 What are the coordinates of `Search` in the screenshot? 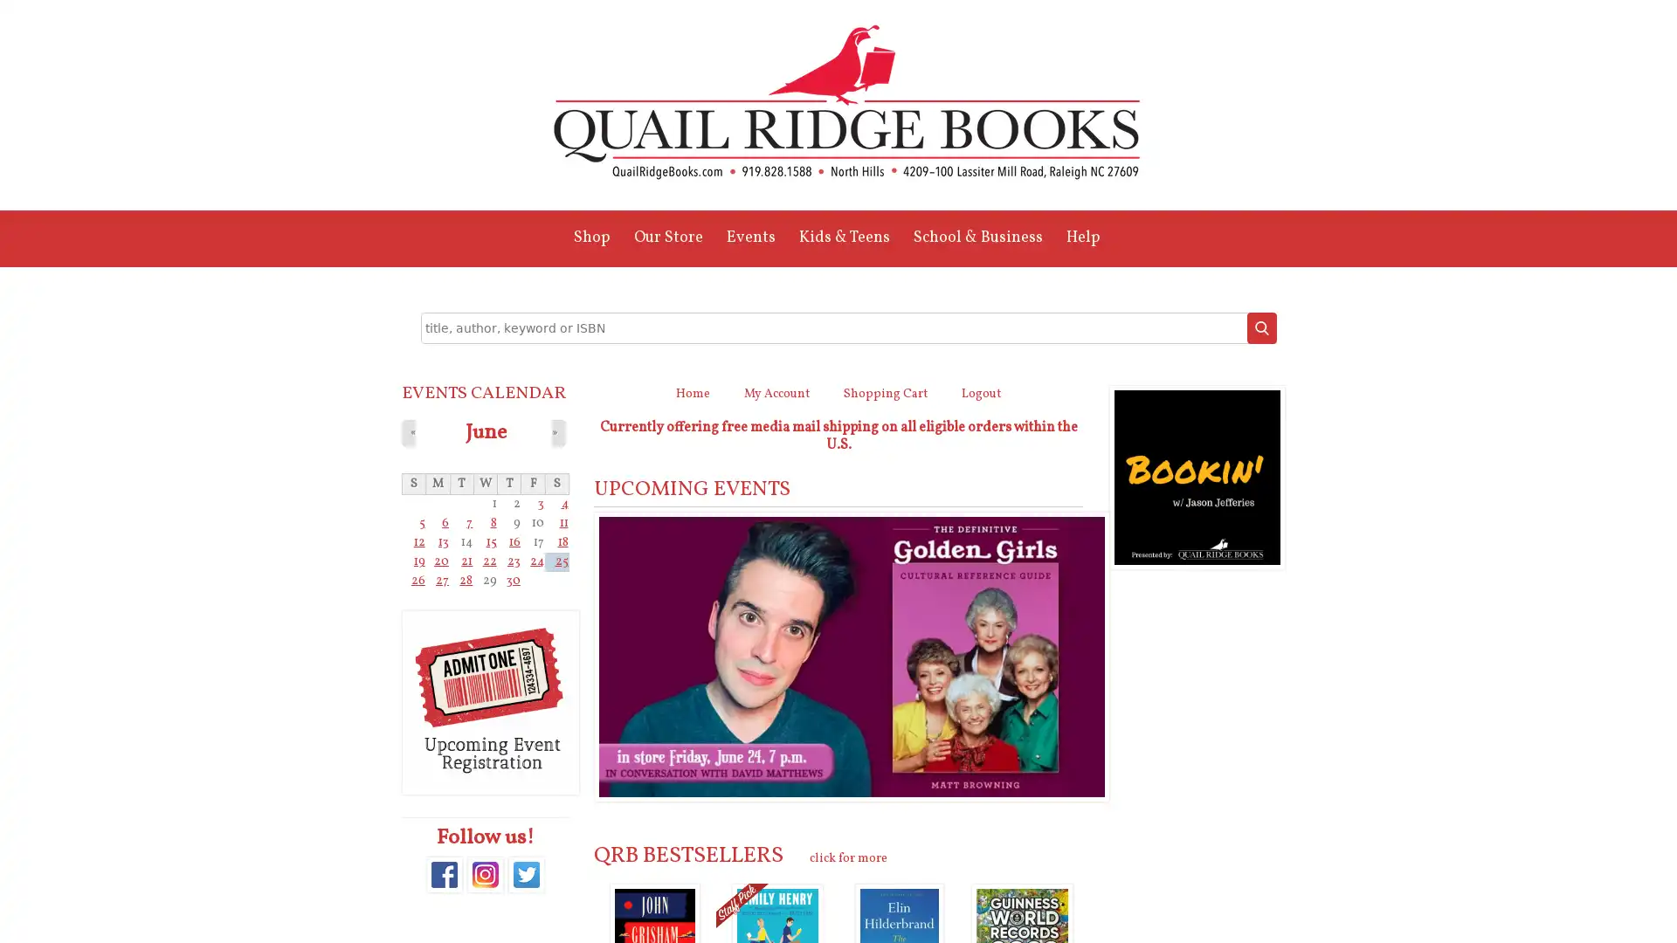 It's located at (1261, 327).